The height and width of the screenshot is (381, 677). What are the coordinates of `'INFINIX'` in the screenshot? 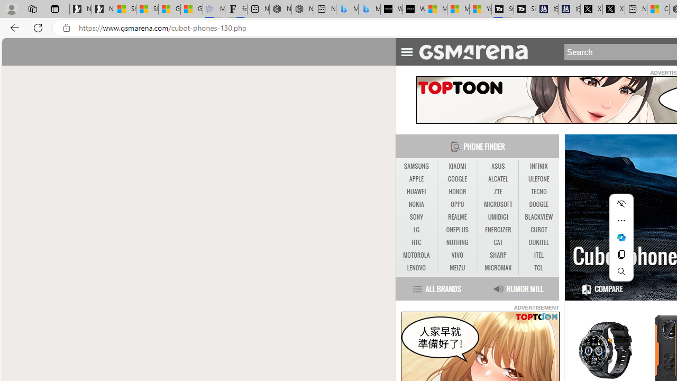 It's located at (538, 167).